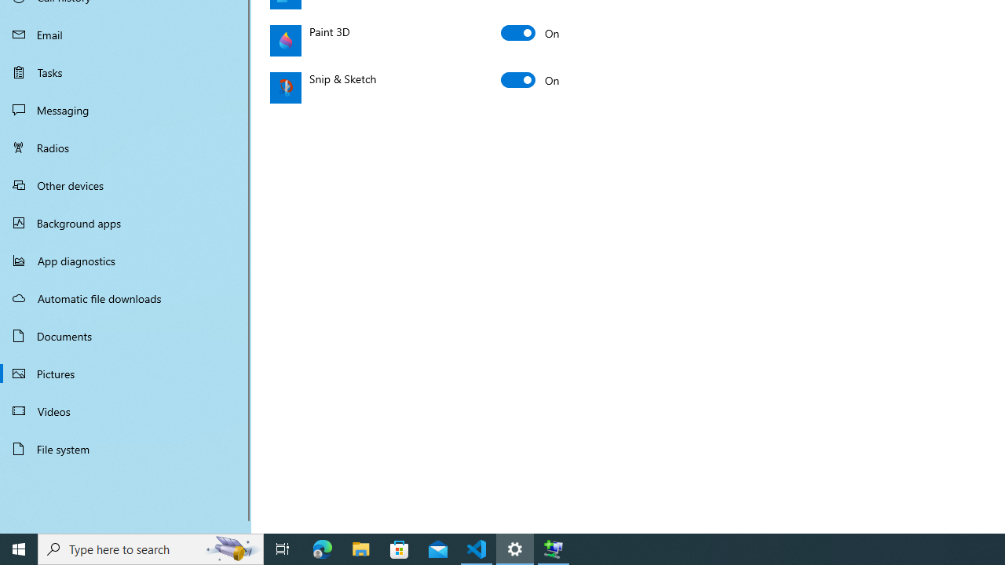 Image resolution: width=1005 pixels, height=565 pixels. Describe the element at coordinates (126, 109) in the screenshot. I see `'Messaging'` at that location.